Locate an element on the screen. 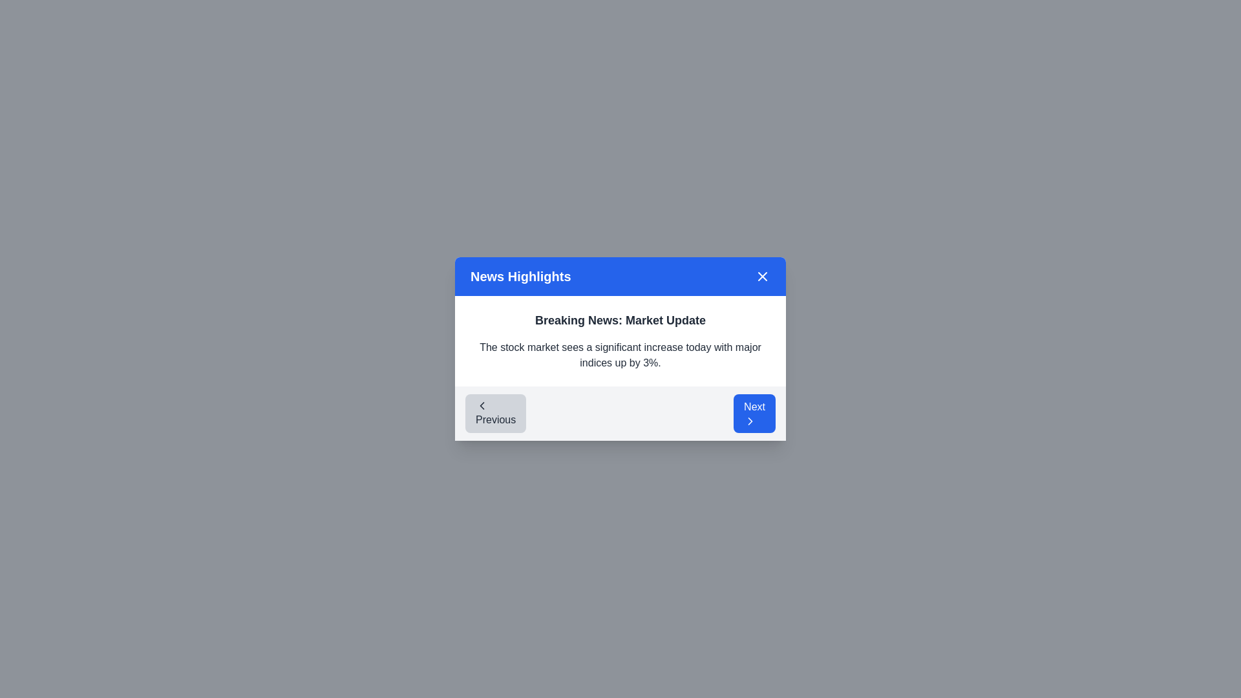 The height and width of the screenshot is (698, 1241). the Text label located in the top left corner of the blue header section of the modal dialog, which serves as the title or header for the modal's content is located at coordinates (520, 276).